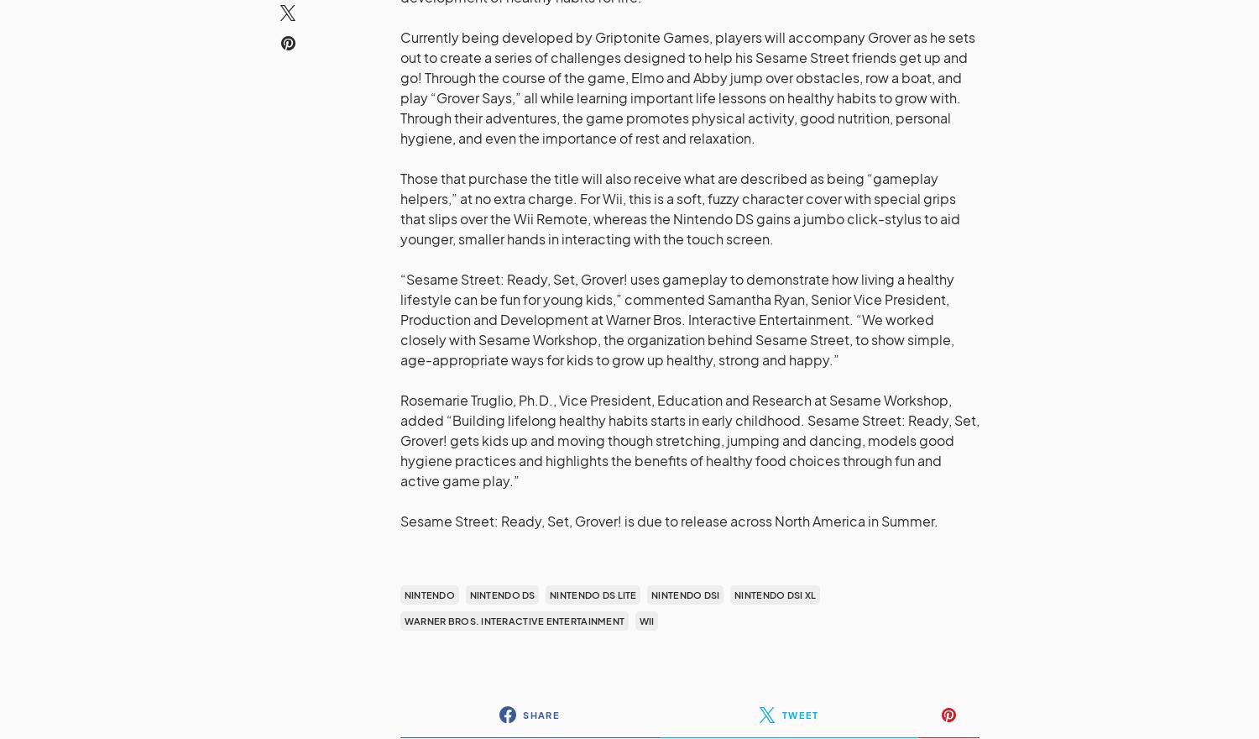 Image resolution: width=1259 pixels, height=739 pixels. Describe the element at coordinates (650, 595) in the screenshot. I see `'Nintendo DSi'` at that location.